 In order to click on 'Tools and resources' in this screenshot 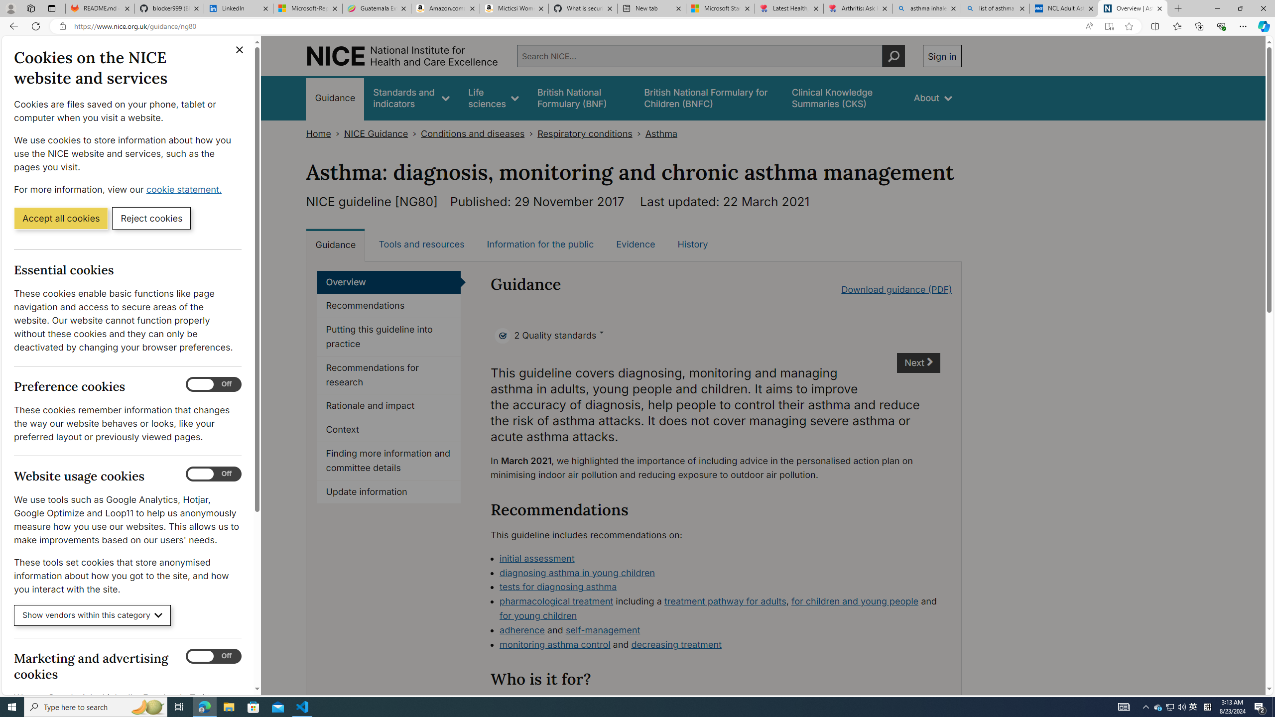, I will do `click(421, 244)`.